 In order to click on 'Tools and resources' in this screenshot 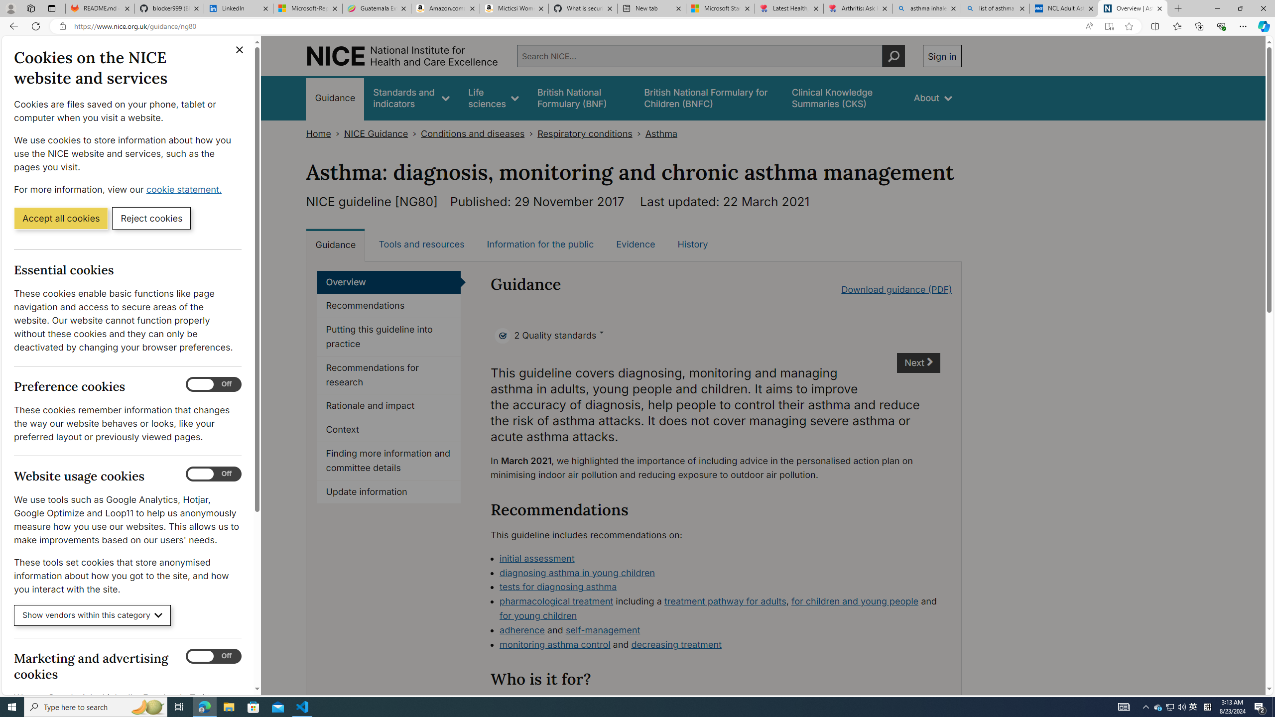, I will do `click(421, 244)`.